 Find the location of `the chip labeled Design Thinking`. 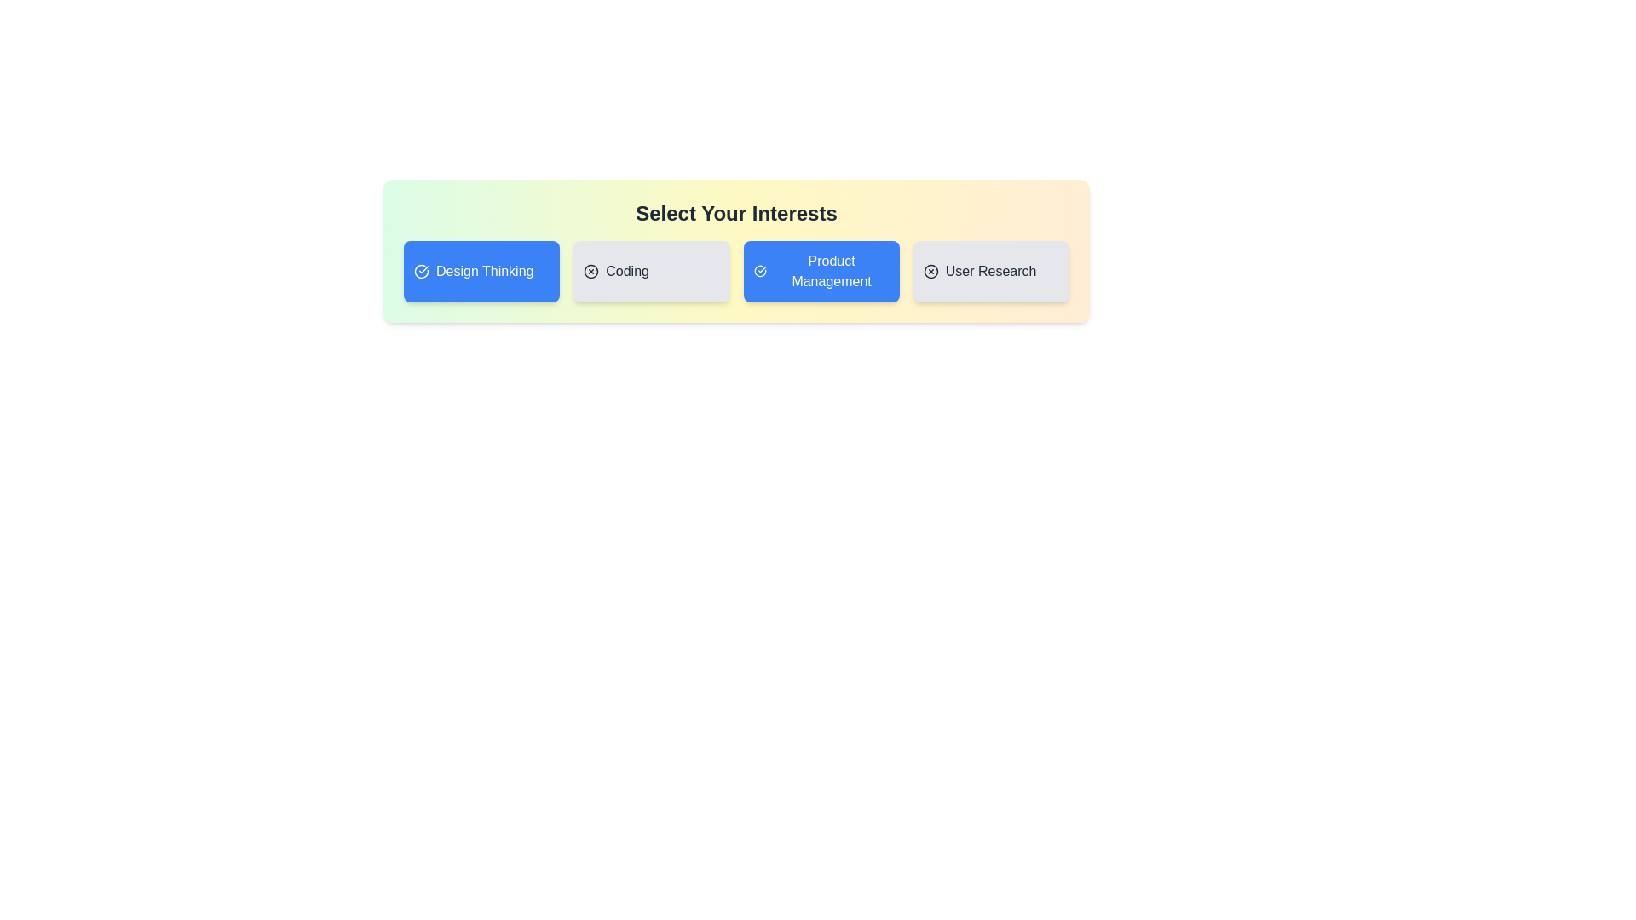

the chip labeled Design Thinking is located at coordinates (481, 271).